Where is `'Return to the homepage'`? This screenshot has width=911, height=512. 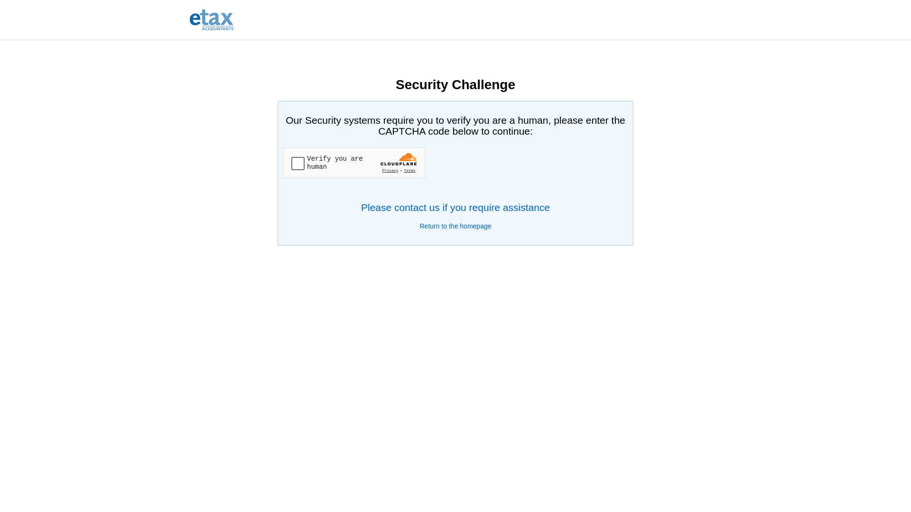
'Return to the homepage' is located at coordinates (455, 226).